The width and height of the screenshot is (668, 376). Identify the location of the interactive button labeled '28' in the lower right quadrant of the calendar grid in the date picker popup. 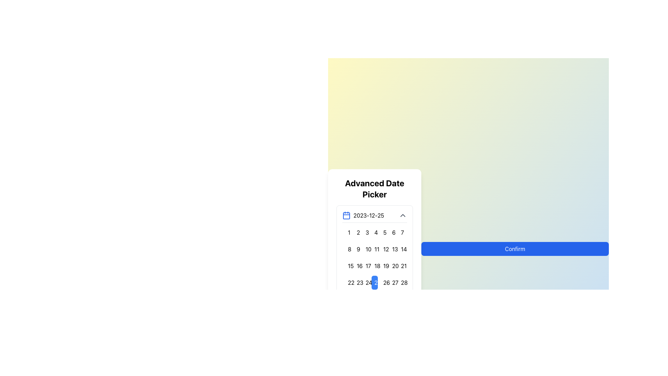
(401, 282).